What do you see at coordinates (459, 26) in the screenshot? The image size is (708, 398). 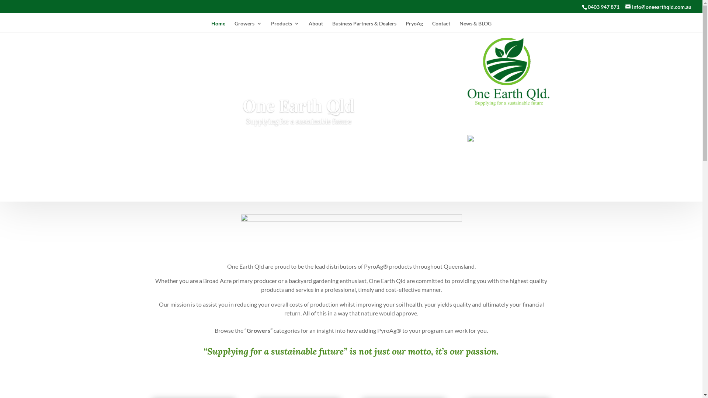 I see `'News & BLOG'` at bounding box center [459, 26].